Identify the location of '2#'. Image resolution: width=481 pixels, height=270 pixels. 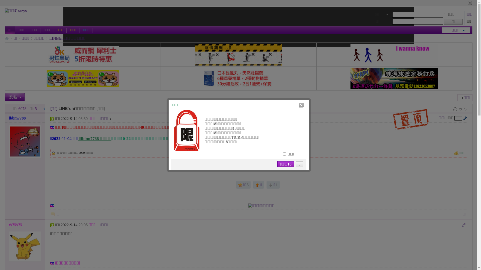
(463, 224).